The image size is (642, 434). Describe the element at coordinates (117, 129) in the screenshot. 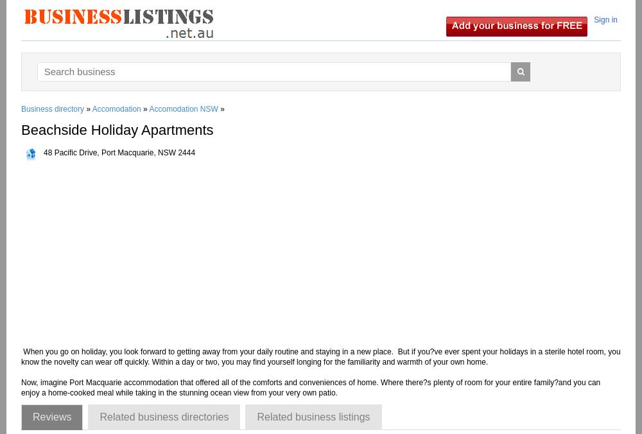

I see `'Beachside Holiday Apartments'` at that location.